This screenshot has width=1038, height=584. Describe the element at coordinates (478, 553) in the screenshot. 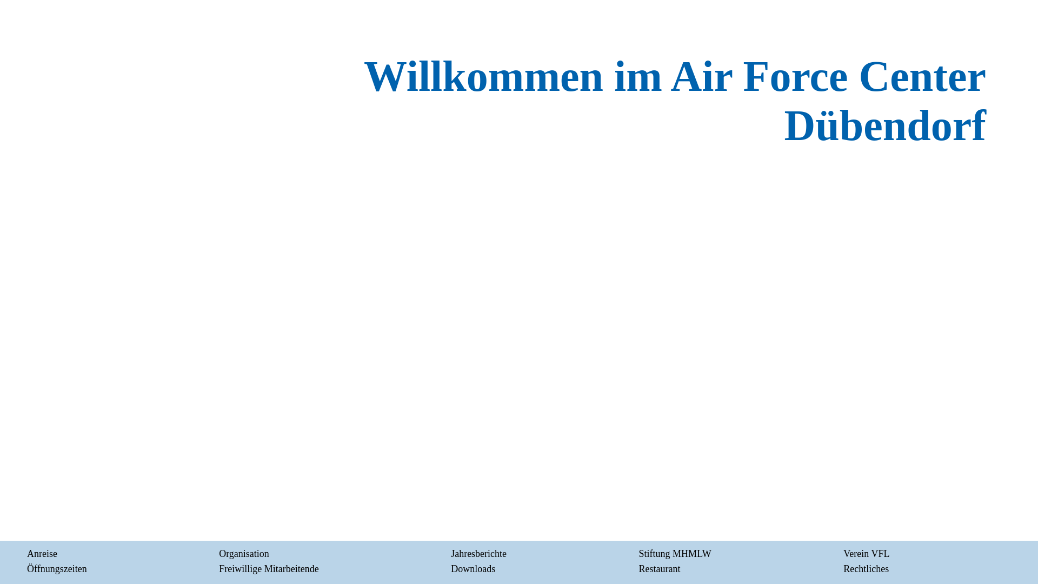

I see `'Jahresberichte'` at that location.